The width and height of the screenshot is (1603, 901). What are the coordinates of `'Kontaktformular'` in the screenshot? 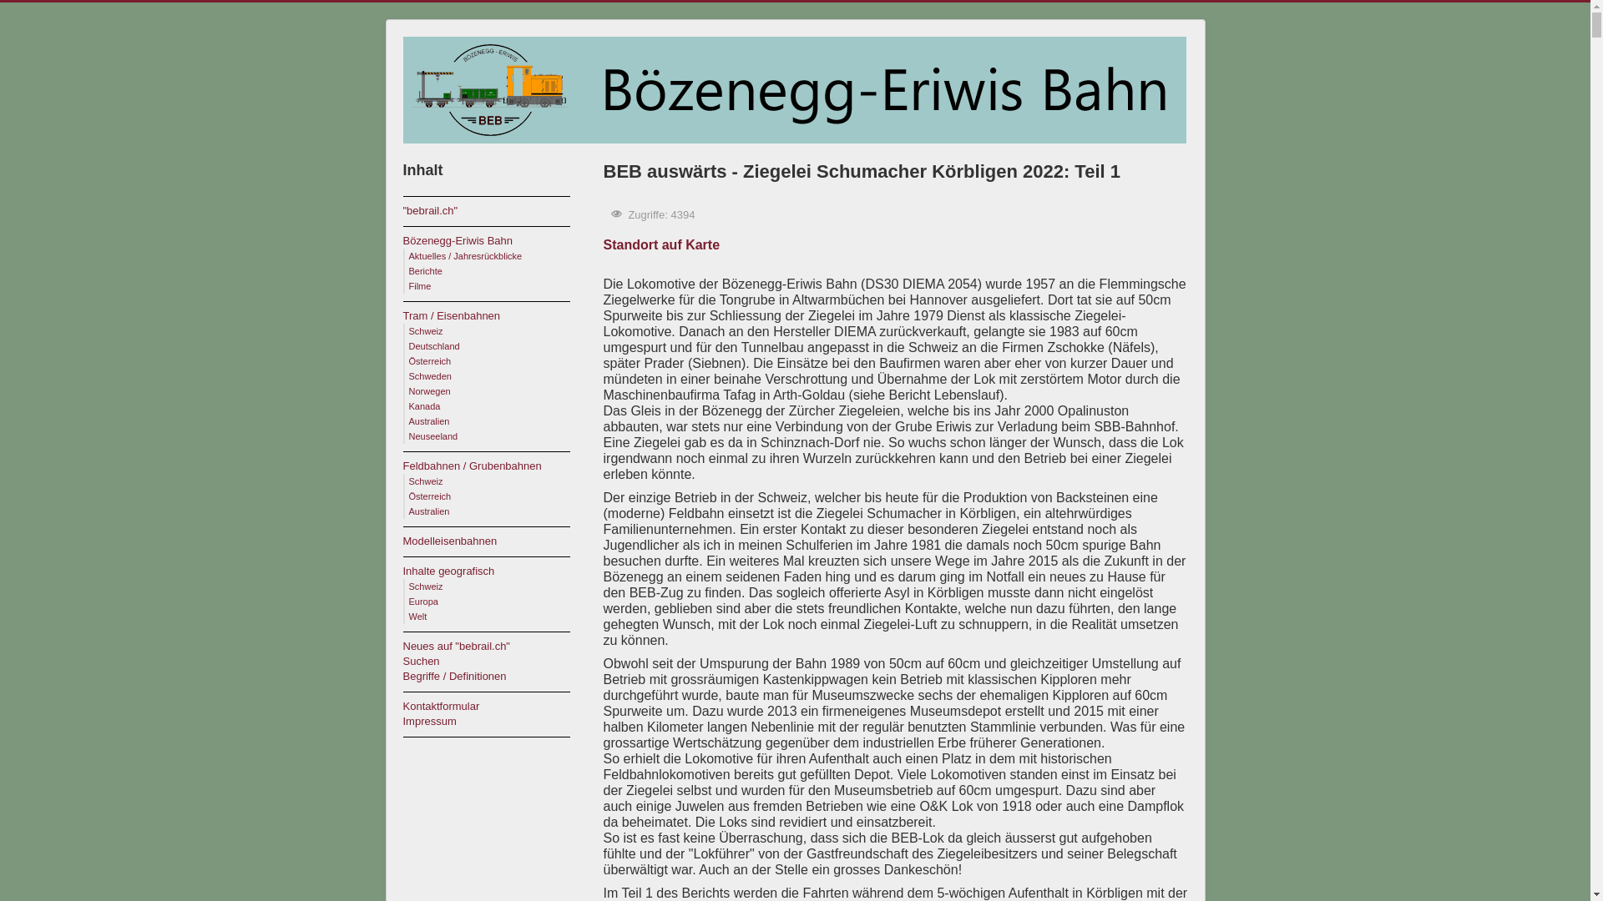 It's located at (493, 707).